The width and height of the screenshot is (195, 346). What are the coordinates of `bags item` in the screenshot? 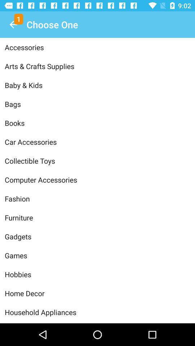 It's located at (97, 103).